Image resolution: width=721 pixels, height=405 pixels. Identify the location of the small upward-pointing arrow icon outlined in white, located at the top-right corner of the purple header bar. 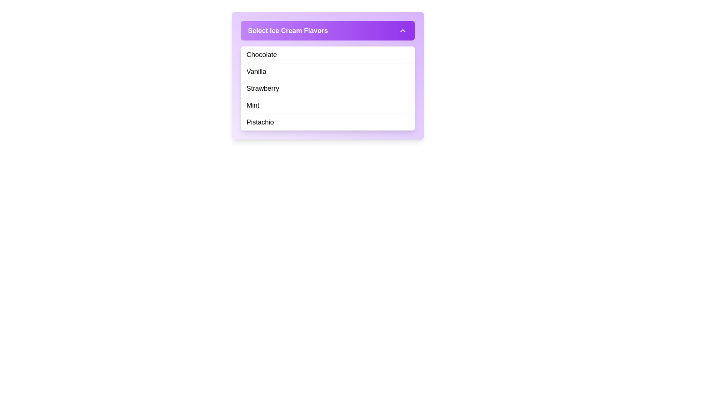
(402, 30).